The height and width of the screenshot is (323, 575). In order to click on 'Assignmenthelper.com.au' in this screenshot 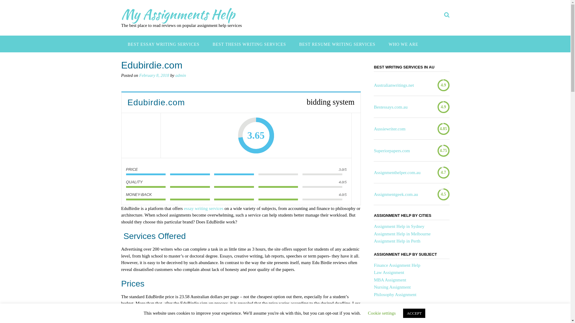, I will do `click(397, 173)`.